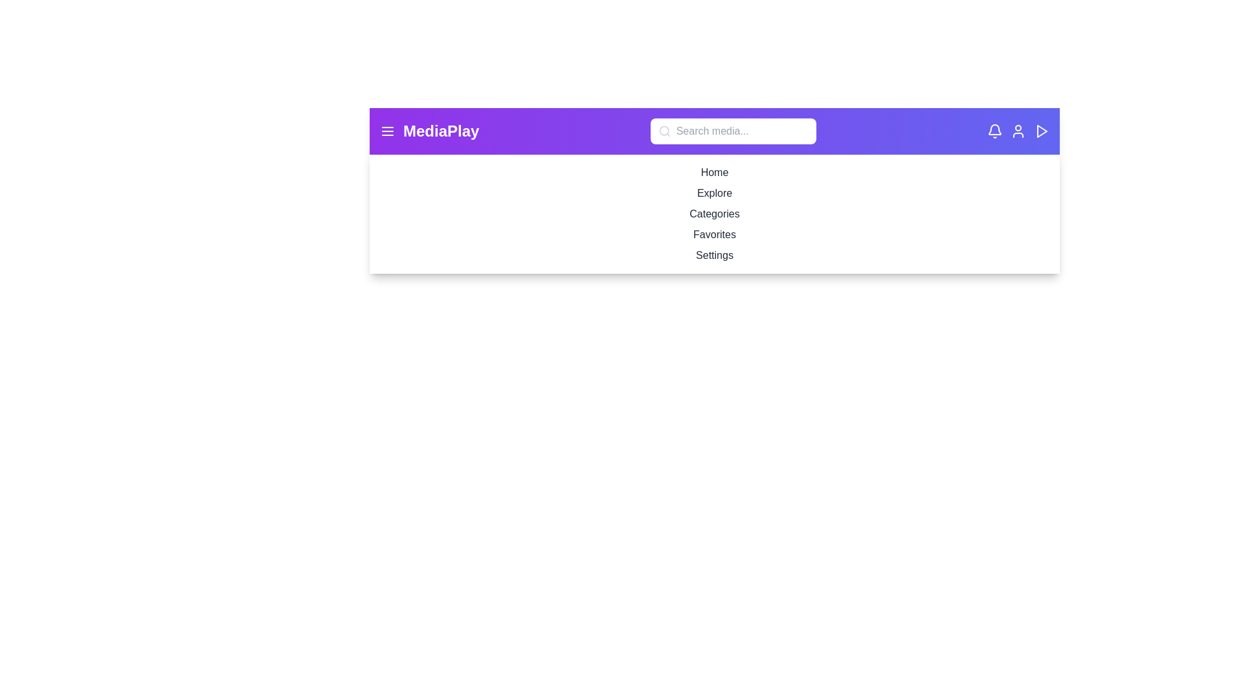 This screenshot has width=1243, height=699. Describe the element at coordinates (994, 129) in the screenshot. I see `the notification bell icon located` at that location.